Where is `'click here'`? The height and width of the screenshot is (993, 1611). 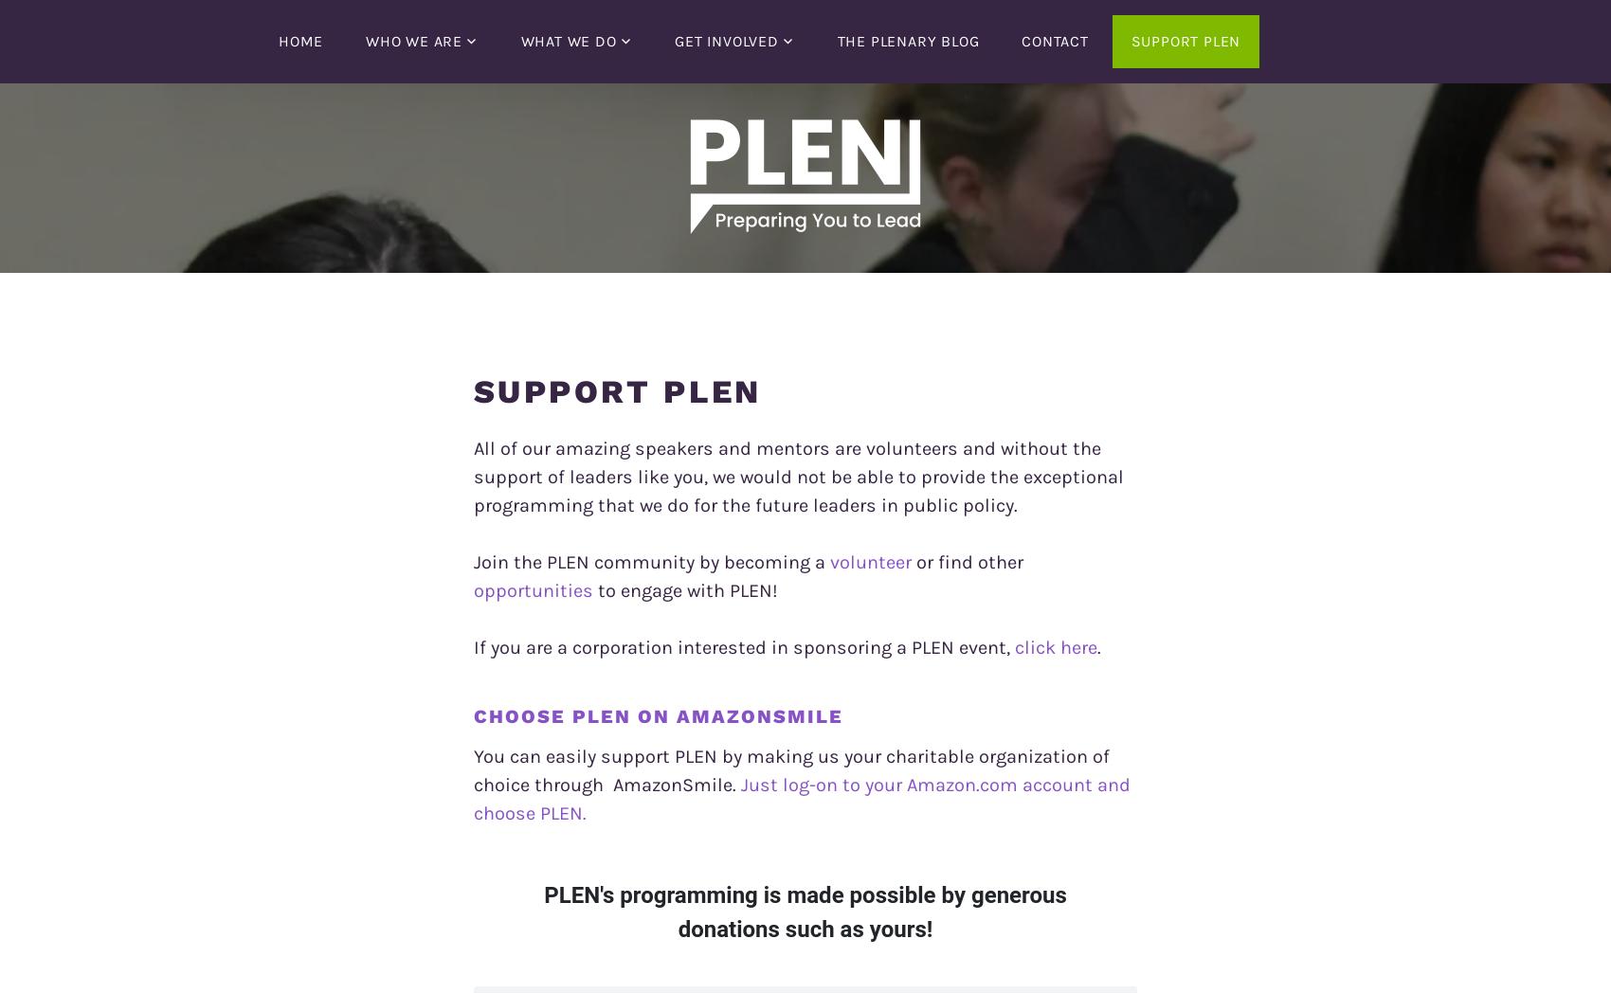
'click here' is located at coordinates (1056, 647).